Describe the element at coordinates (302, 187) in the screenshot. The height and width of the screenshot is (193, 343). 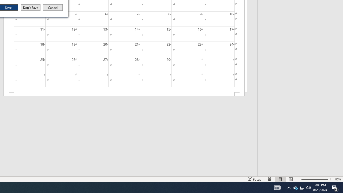
I see `'Notification Chevron'` at that location.